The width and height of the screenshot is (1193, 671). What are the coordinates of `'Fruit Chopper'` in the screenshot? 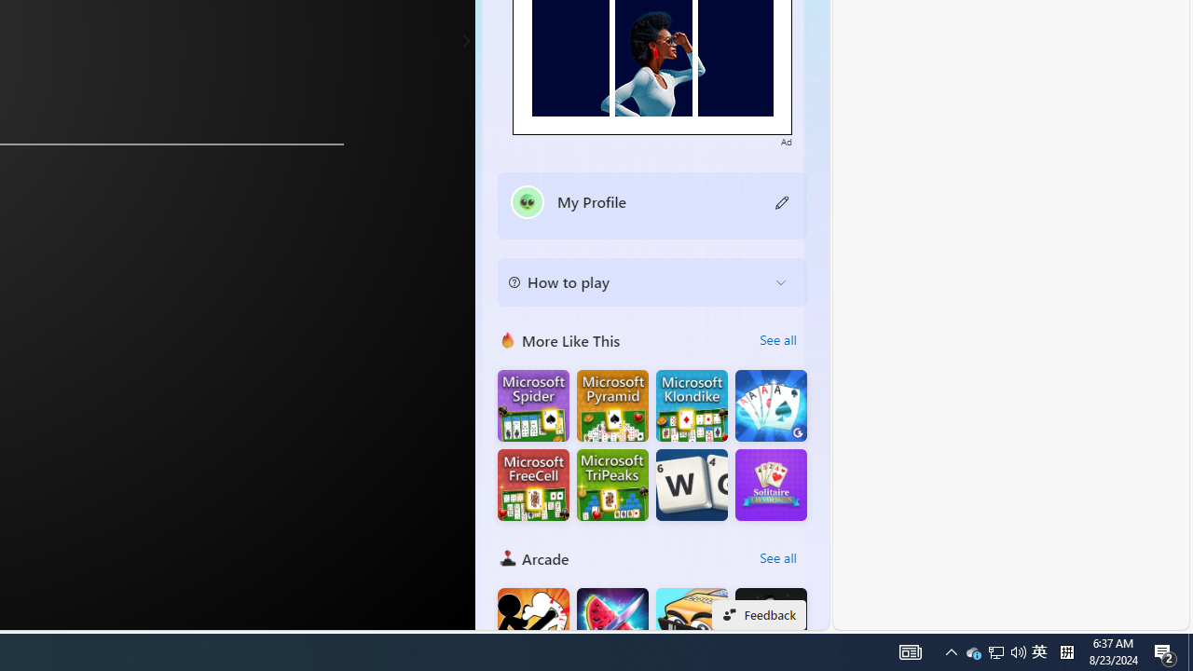 It's located at (612, 623).